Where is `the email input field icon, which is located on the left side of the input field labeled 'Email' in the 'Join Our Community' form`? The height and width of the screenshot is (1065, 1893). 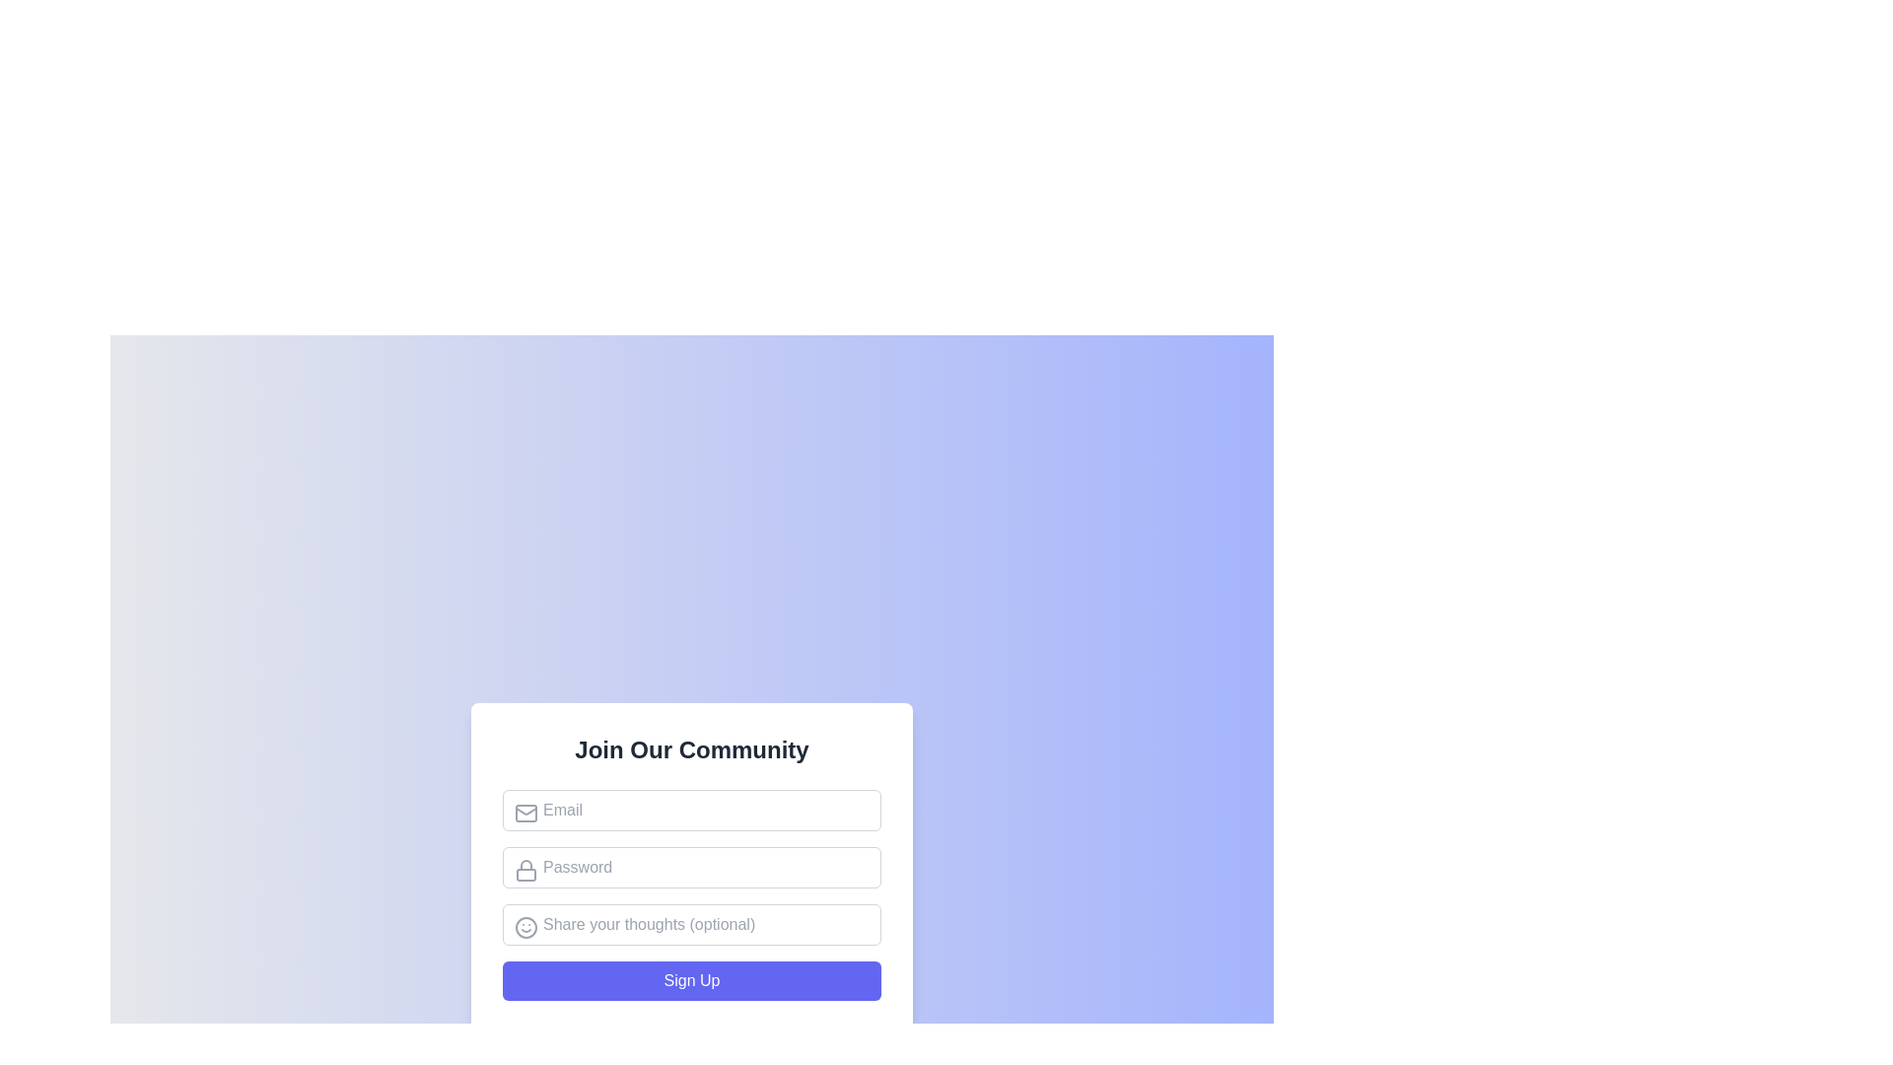 the email input field icon, which is located on the left side of the input field labeled 'Email' in the 'Join Our Community' form is located at coordinates (526, 814).